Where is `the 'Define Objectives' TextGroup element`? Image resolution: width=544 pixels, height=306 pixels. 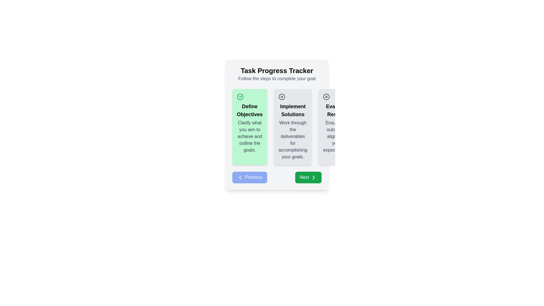 the 'Define Objectives' TextGroup element is located at coordinates (249, 123).